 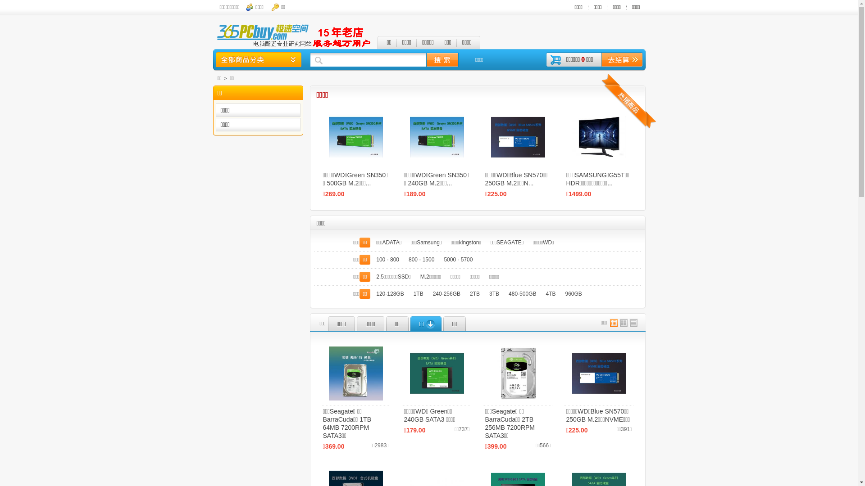 I want to click on '960GB', so click(x=573, y=293).